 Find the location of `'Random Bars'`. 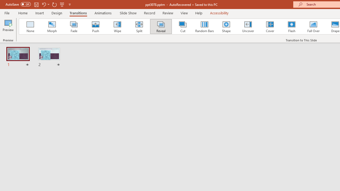

'Random Bars' is located at coordinates (204, 27).